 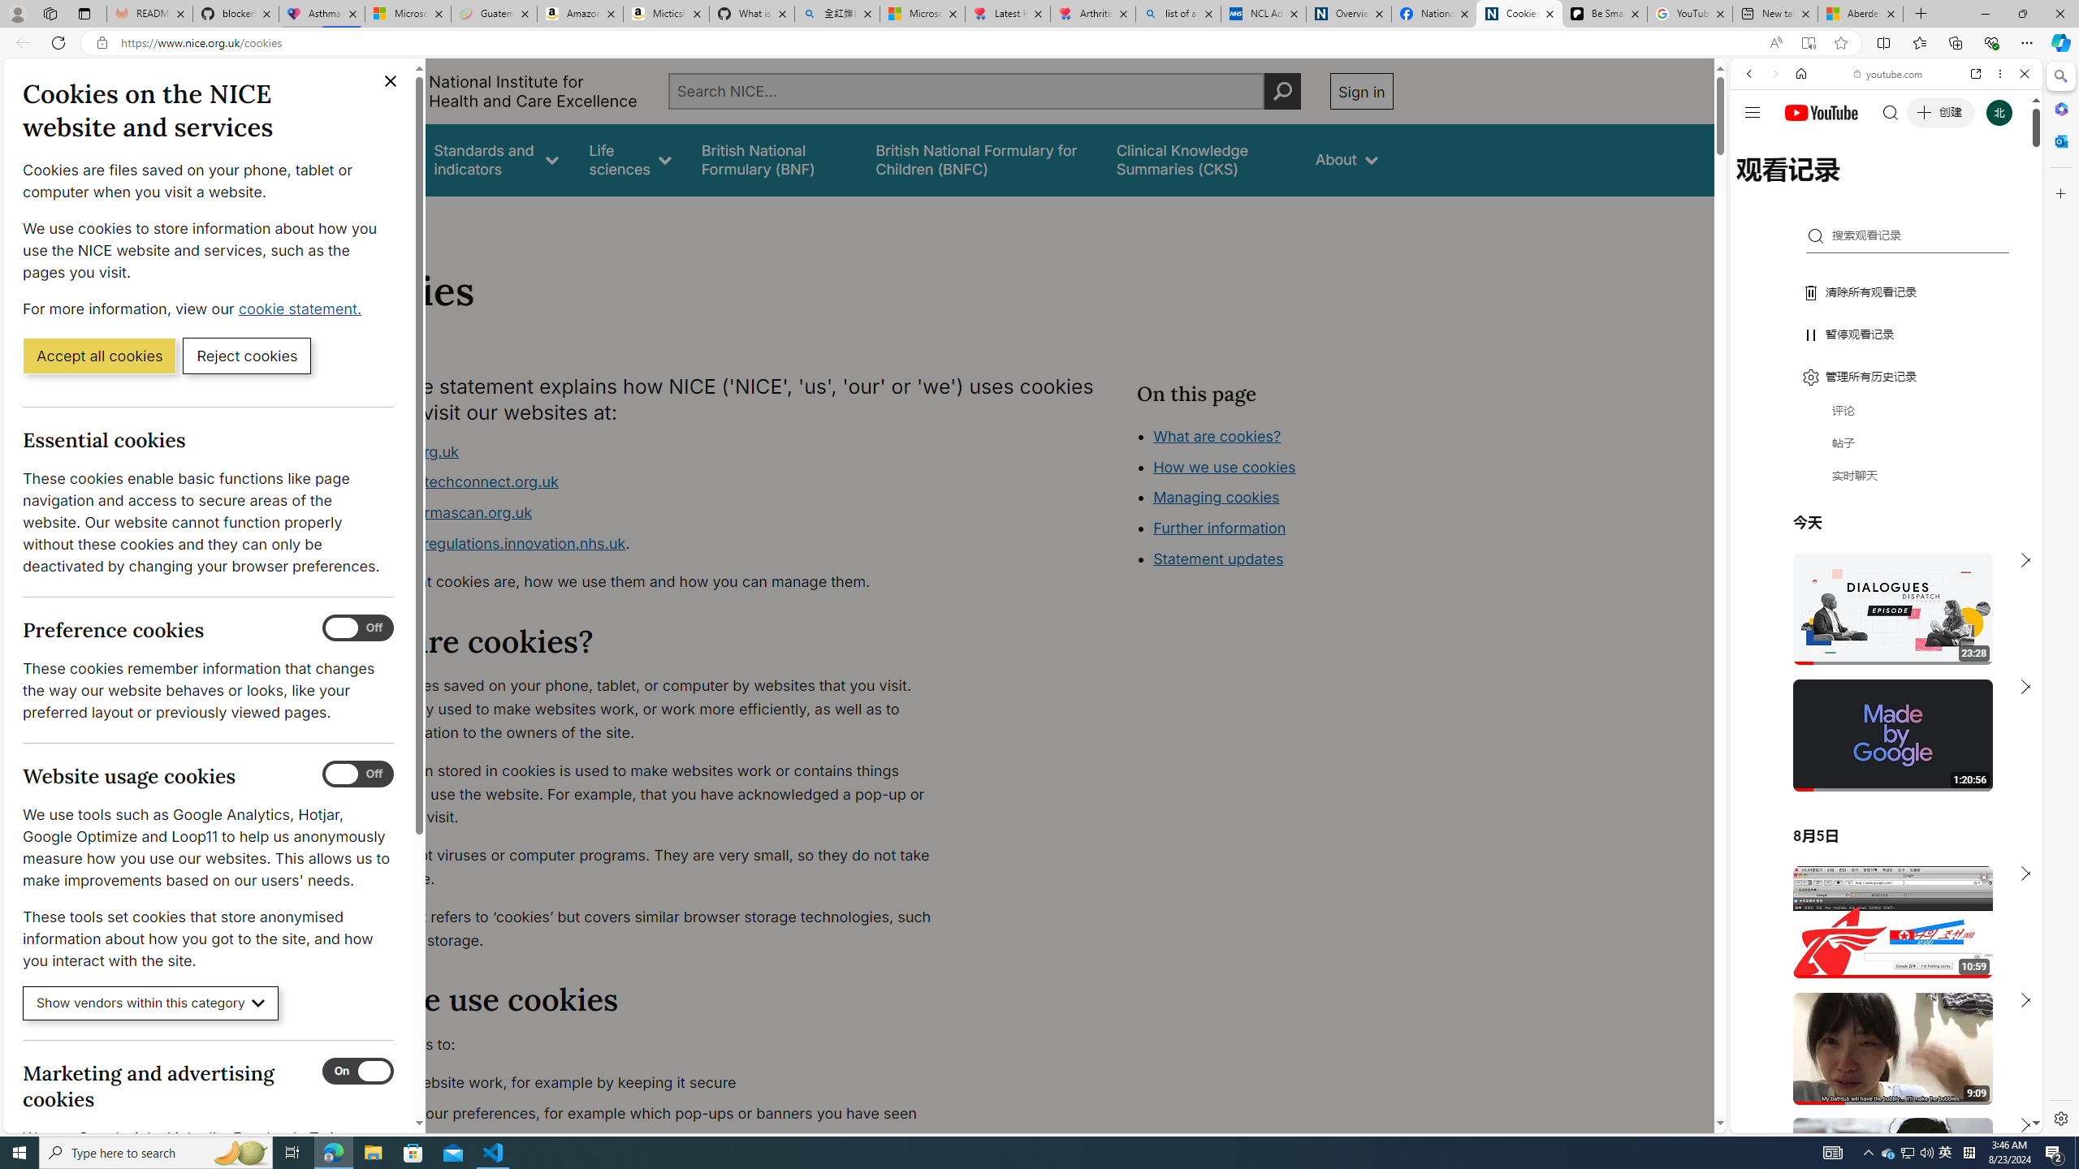 What do you see at coordinates (407, 13) in the screenshot?
I see `'Microsoft-Report a Concern to Bing'` at bounding box center [407, 13].